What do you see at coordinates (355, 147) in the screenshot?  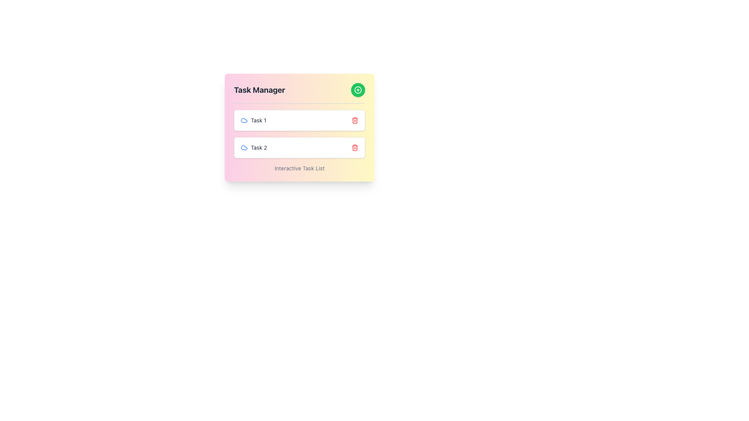 I see `the delete icon button associated with 'Task 2' in the 'Task Manager' panel` at bounding box center [355, 147].